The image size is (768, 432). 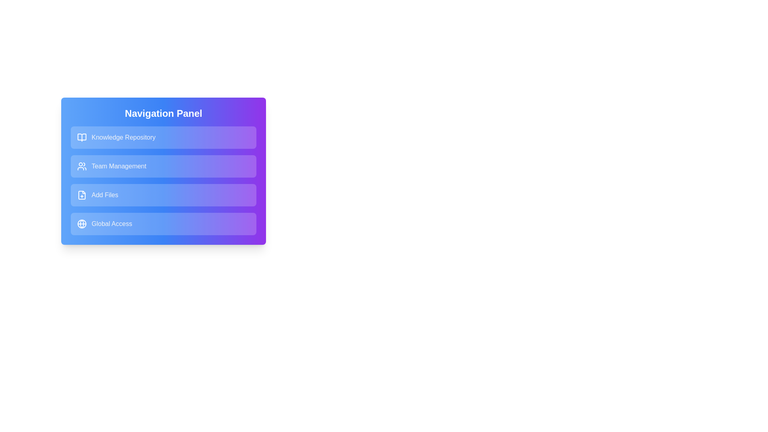 What do you see at coordinates (163, 224) in the screenshot?
I see `the navigation item labeled Global Access` at bounding box center [163, 224].